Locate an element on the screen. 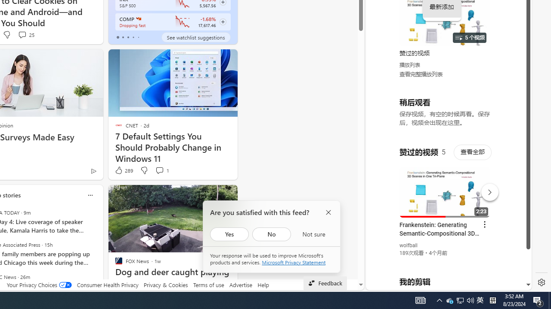  'View comments 25 Comment' is located at coordinates (26, 34).